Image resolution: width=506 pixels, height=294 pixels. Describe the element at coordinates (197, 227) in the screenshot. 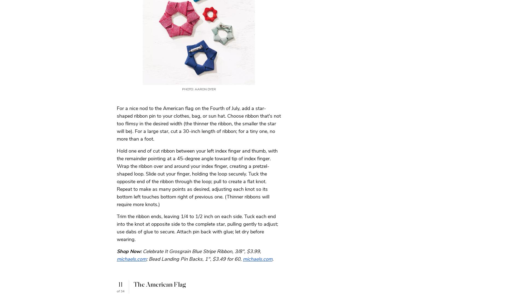

I see `'Trim the ribbon ends, leaving 1/4 to 1/2 inch on each side. Tuck each end into the knot at opposite side to the complete star, pulling gently to adjust; use dabs of glue to secure. Attach pin back with glue; let dry before wearing.'` at that location.